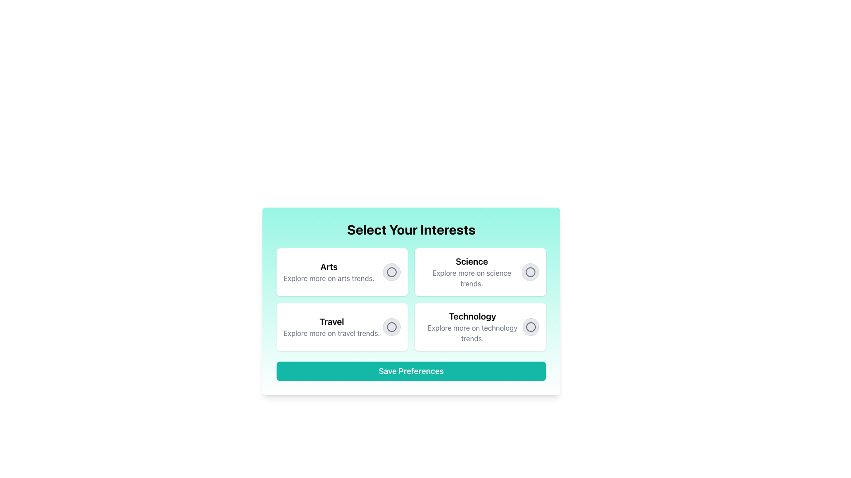  I want to click on the 'Technology' option in the interest selection grid located in the bottom-right quadrant, so click(472, 327).